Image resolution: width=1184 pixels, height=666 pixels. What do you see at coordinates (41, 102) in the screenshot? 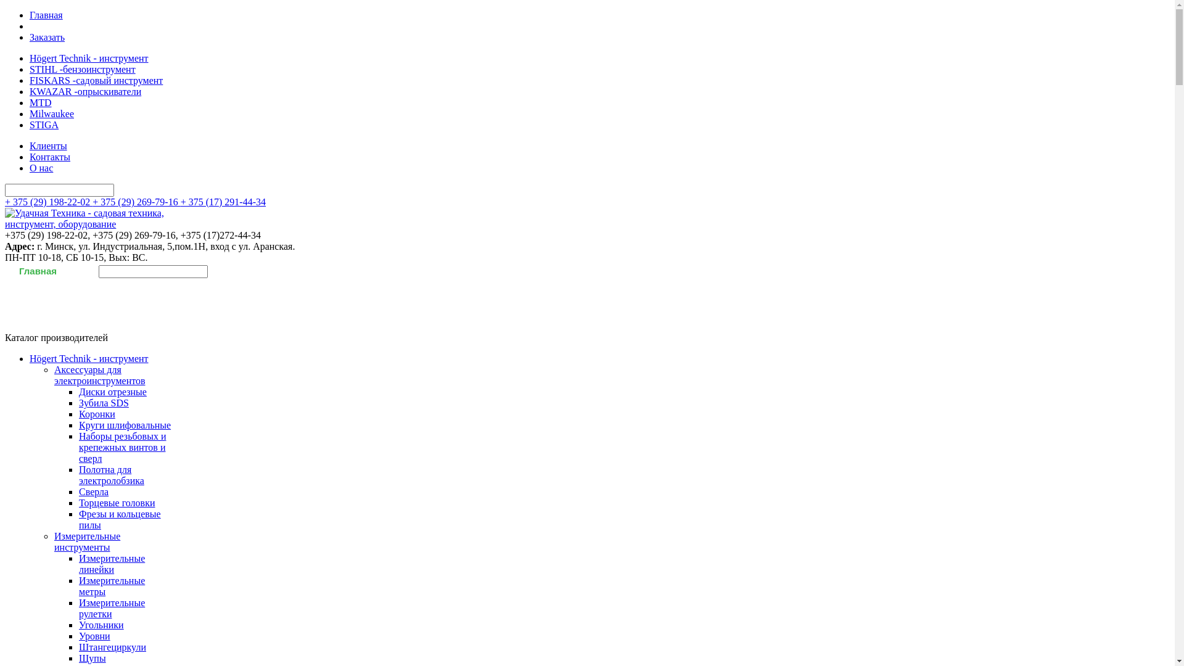
I see `'MTD'` at bounding box center [41, 102].